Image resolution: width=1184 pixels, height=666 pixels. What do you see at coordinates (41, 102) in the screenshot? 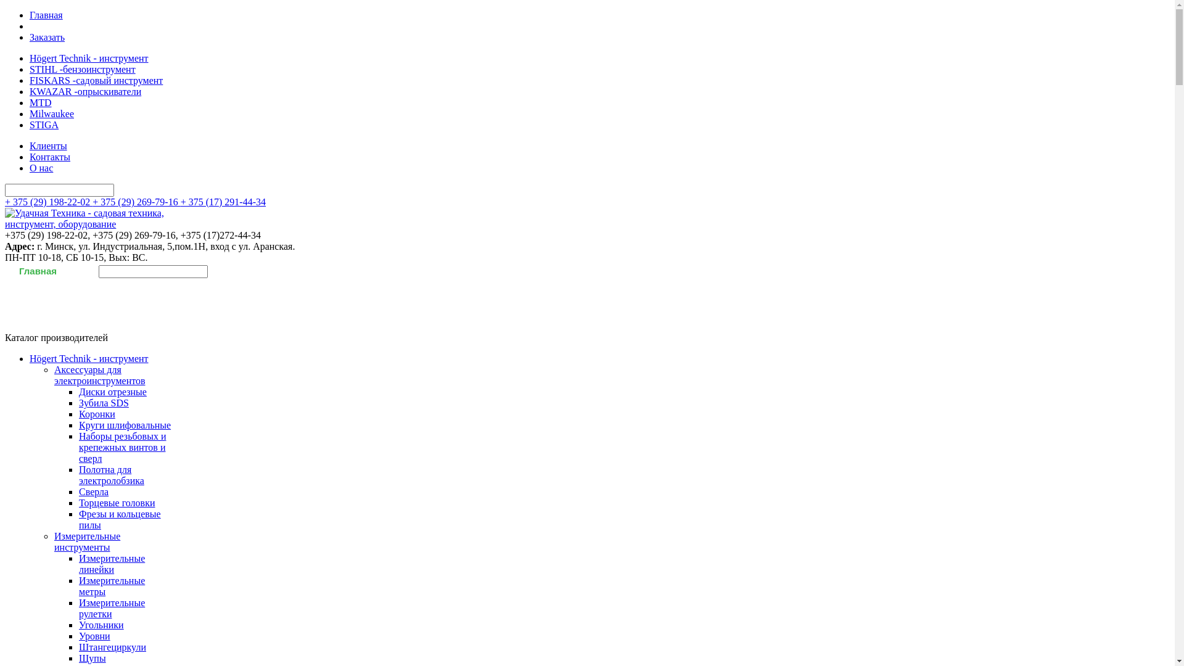
I see `'MTD'` at bounding box center [41, 102].